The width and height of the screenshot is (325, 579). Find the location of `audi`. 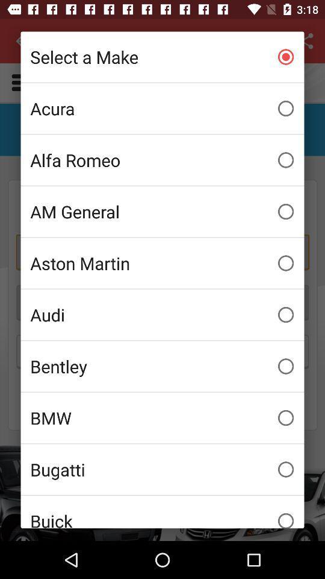

audi is located at coordinates (162, 314).